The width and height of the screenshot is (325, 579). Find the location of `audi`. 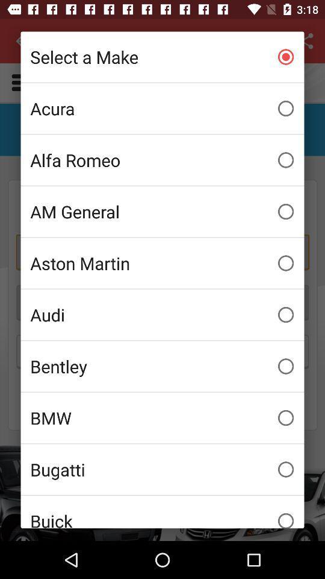

audi is located at coordinates (162, 314).